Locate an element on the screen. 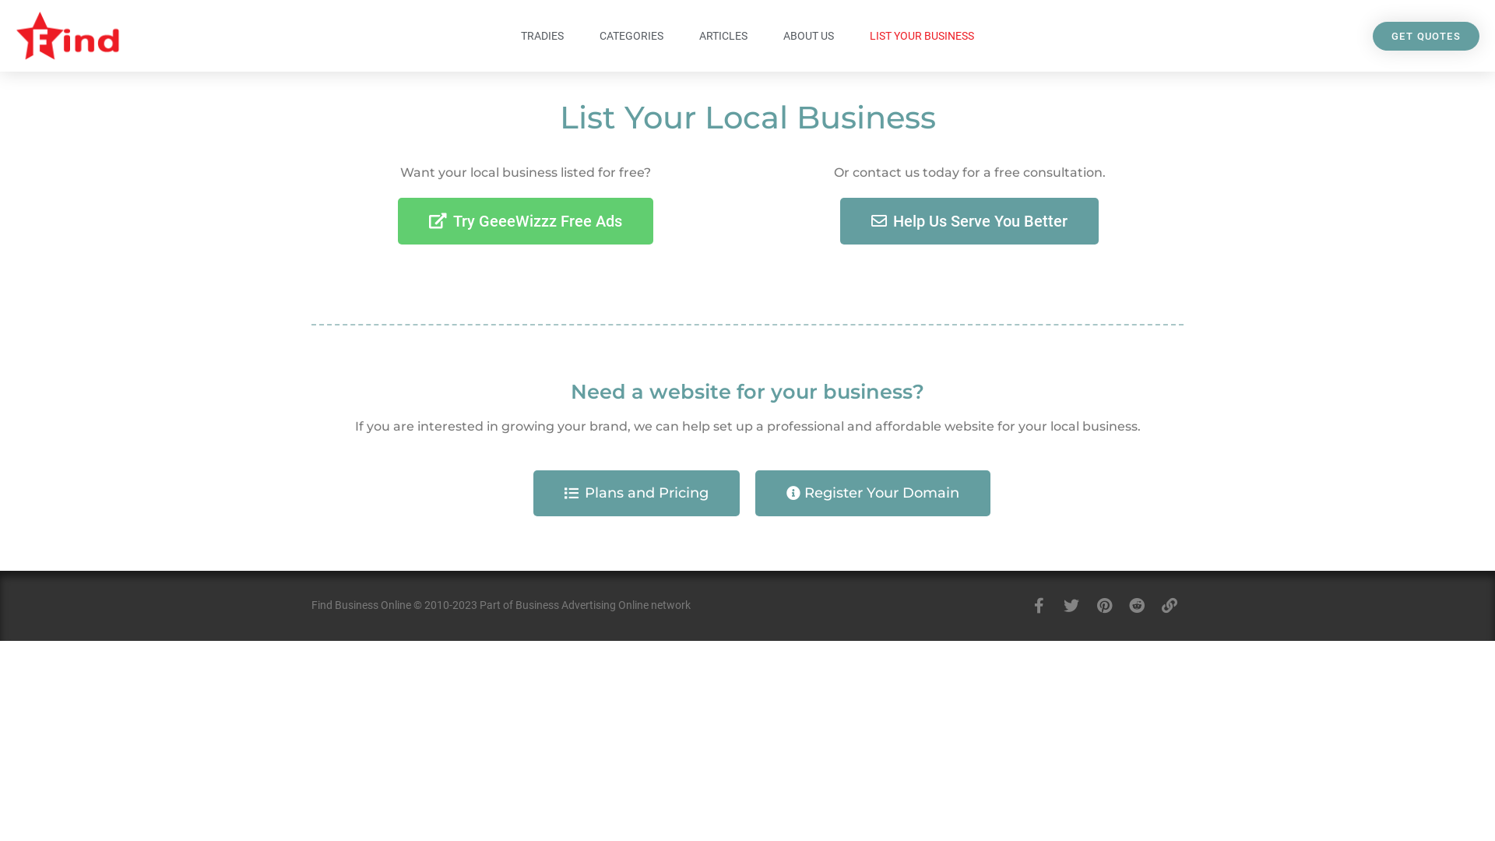 This screenshot has width=1495, height=841. 'Plans and Pricing' is located at coordinates (636, 493).